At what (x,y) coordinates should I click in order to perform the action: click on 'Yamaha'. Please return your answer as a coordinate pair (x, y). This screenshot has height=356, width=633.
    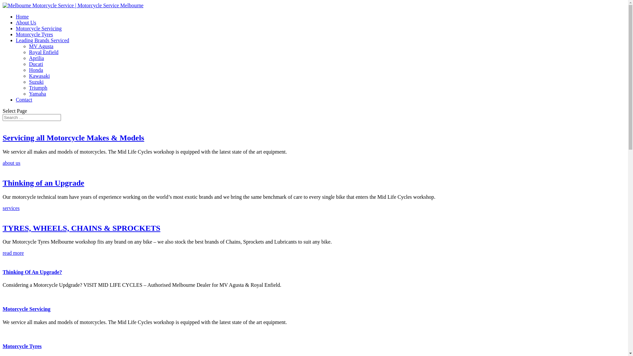
    Looking at the image, I should click on (37, 94).